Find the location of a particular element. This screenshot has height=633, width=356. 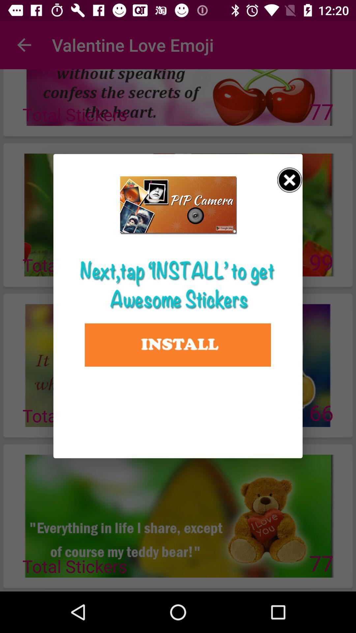

press to close the box is located at coordinates (289, 180).